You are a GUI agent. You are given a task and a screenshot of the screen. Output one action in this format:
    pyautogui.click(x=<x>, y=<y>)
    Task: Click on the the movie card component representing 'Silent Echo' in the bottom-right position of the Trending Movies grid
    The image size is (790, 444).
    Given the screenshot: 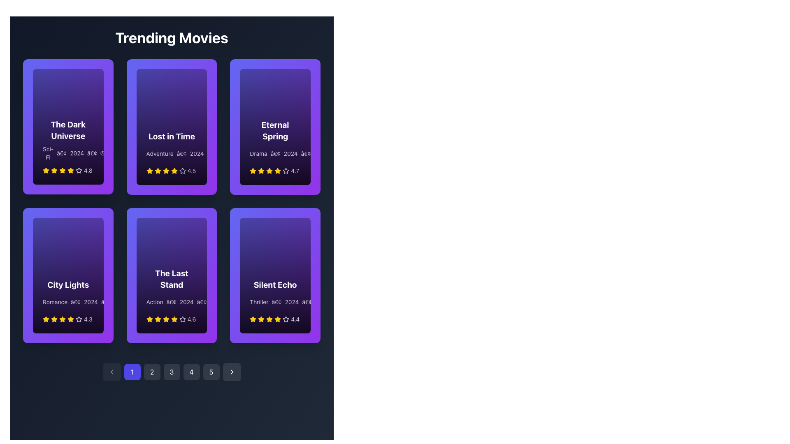 What is the action you would take?
    pyautogui.click(x=275, y=275)
    